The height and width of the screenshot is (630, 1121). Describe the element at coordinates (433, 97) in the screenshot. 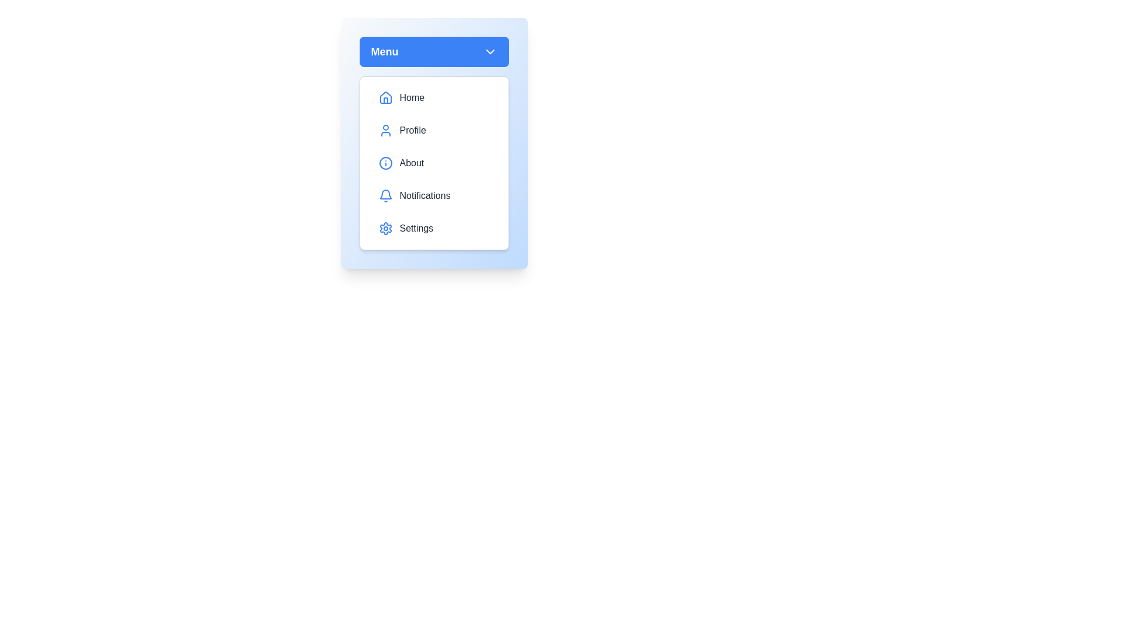

I see `the menu item Home from the menu` at that location.